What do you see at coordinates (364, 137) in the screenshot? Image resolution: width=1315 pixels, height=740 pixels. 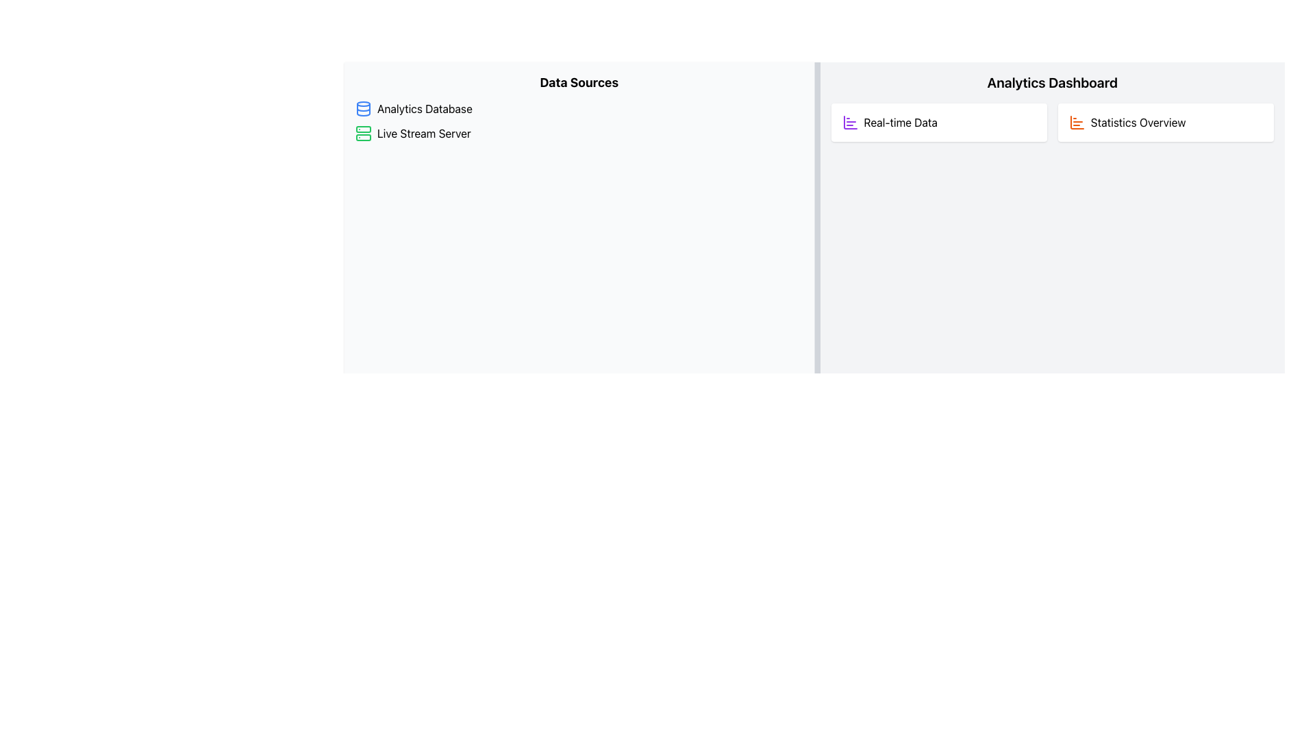 I see `the smaller rectangular icon located within the bottom half of the server icon, which is part of a green box with rounded corners, positioned to the left of the 'Live Stream Server' label in the 'Data Sources' section` at bounding box center [364, 137].